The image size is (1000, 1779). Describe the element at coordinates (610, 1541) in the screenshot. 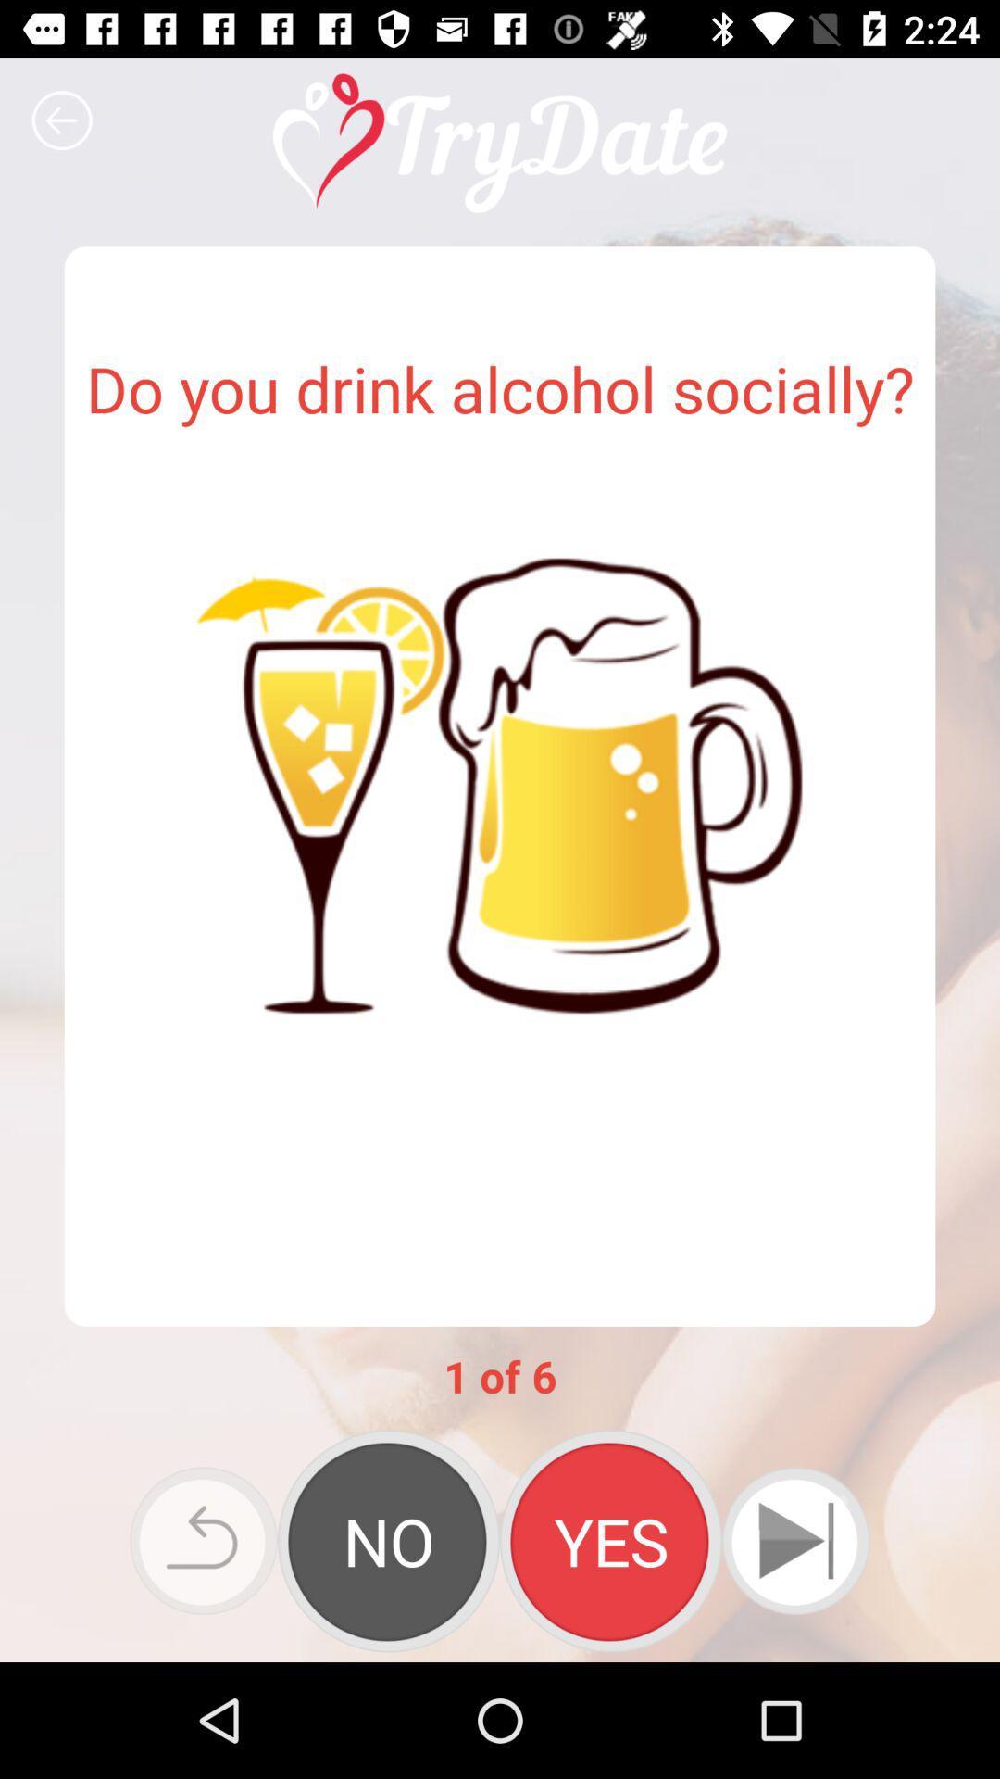

I see `answer yes` at that location.